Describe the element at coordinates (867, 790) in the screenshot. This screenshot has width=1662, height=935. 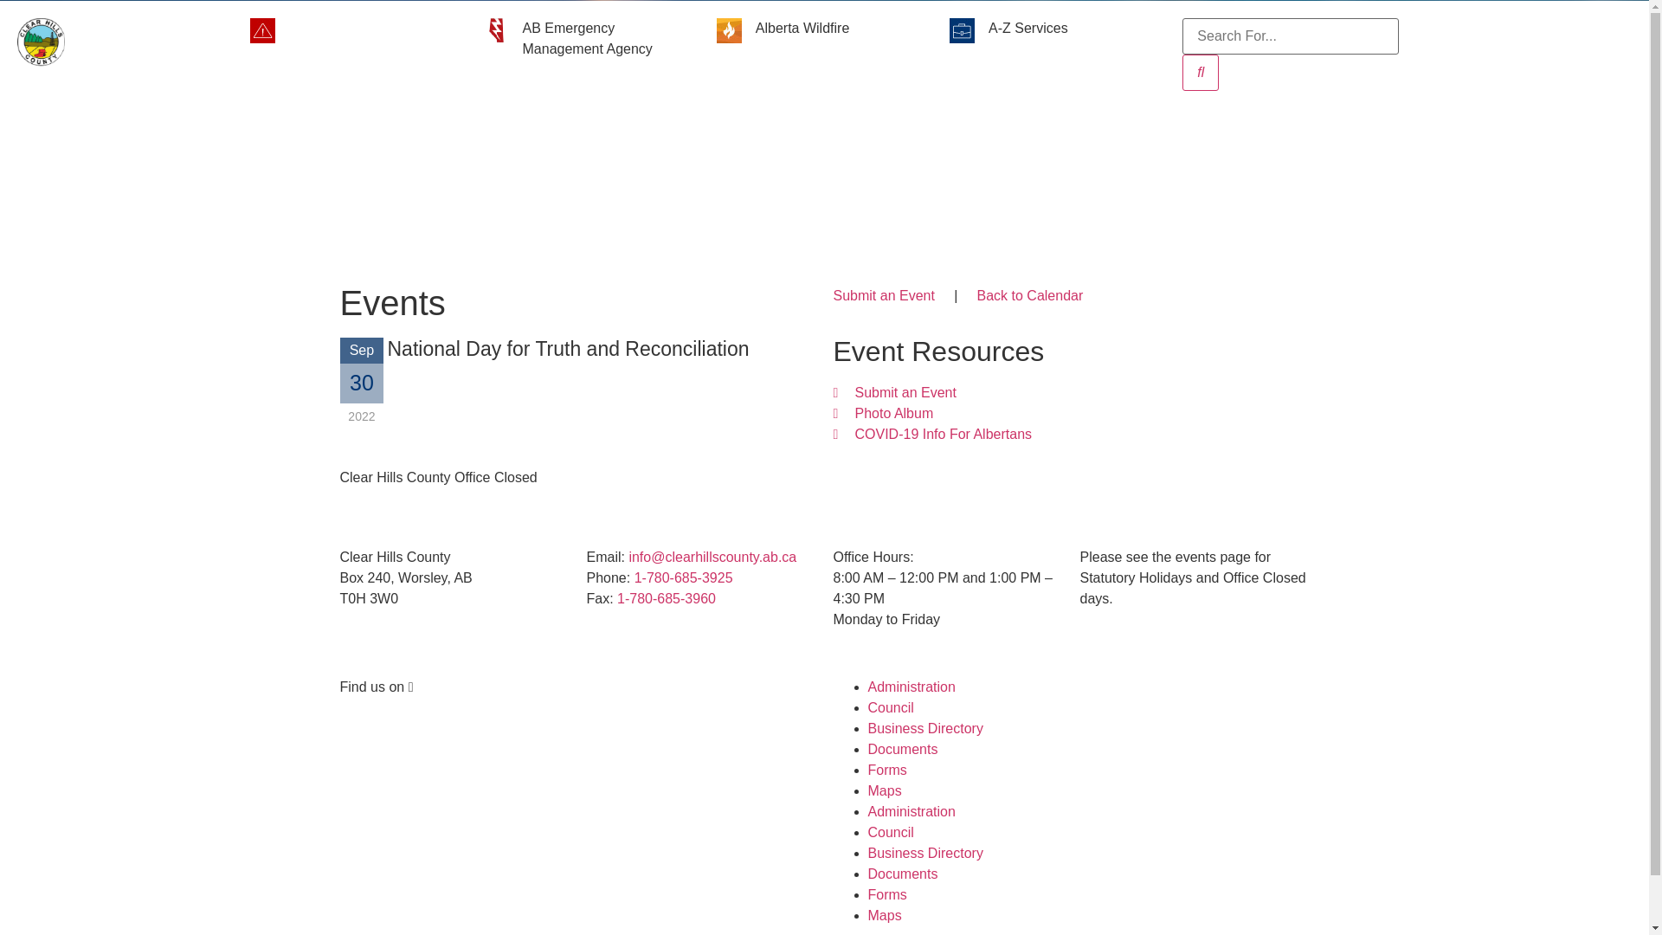
I see `'Maps'` at that location.